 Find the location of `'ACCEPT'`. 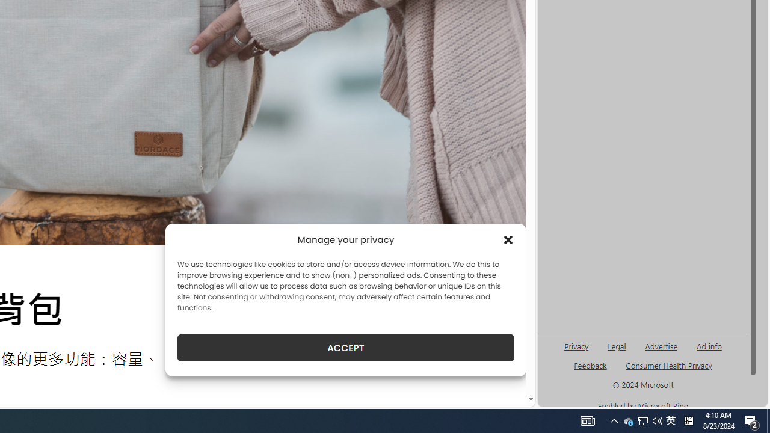

'ACCEPT' is located at coordinates (345, 348).